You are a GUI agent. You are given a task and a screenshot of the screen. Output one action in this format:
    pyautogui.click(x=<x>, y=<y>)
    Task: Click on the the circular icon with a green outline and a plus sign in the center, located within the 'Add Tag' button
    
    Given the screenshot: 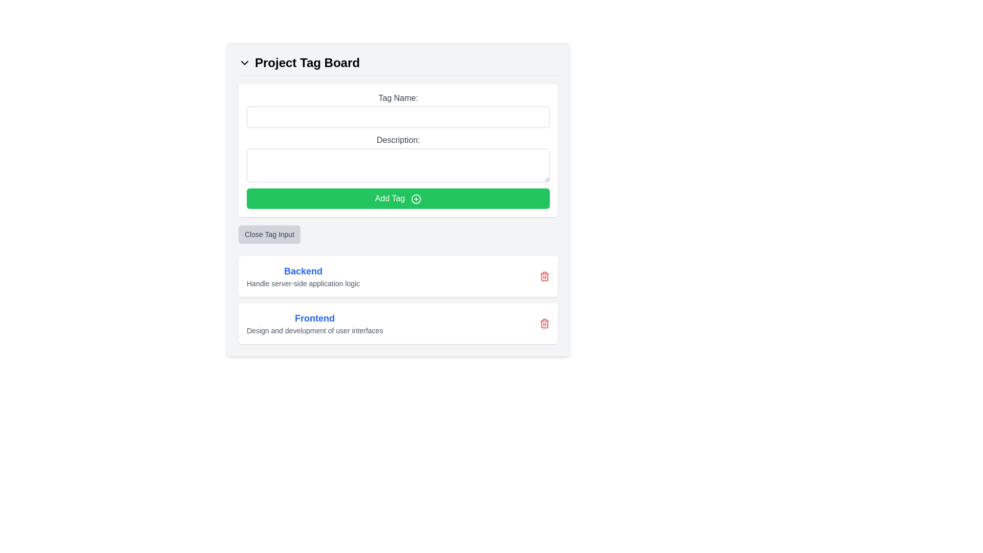 What is the action you would take?
    pyautogui.click(x=416, y=199)
    